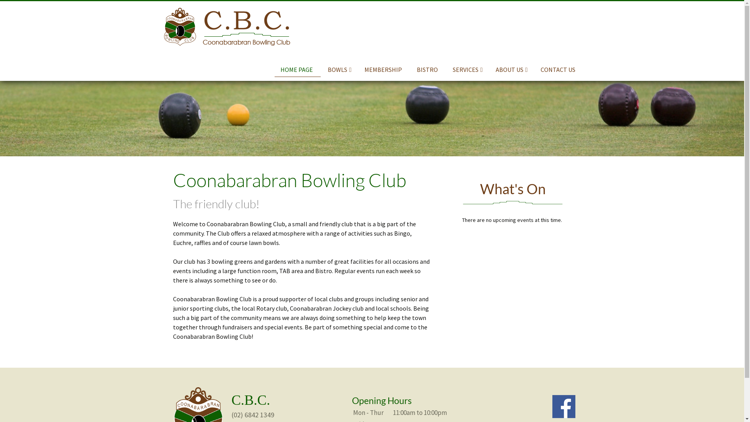 This screenshot has height=422, width=750. Describe the element at coordinates (358, 69) in the screenshot. I see `'MEMBERSHIP'` at that location.